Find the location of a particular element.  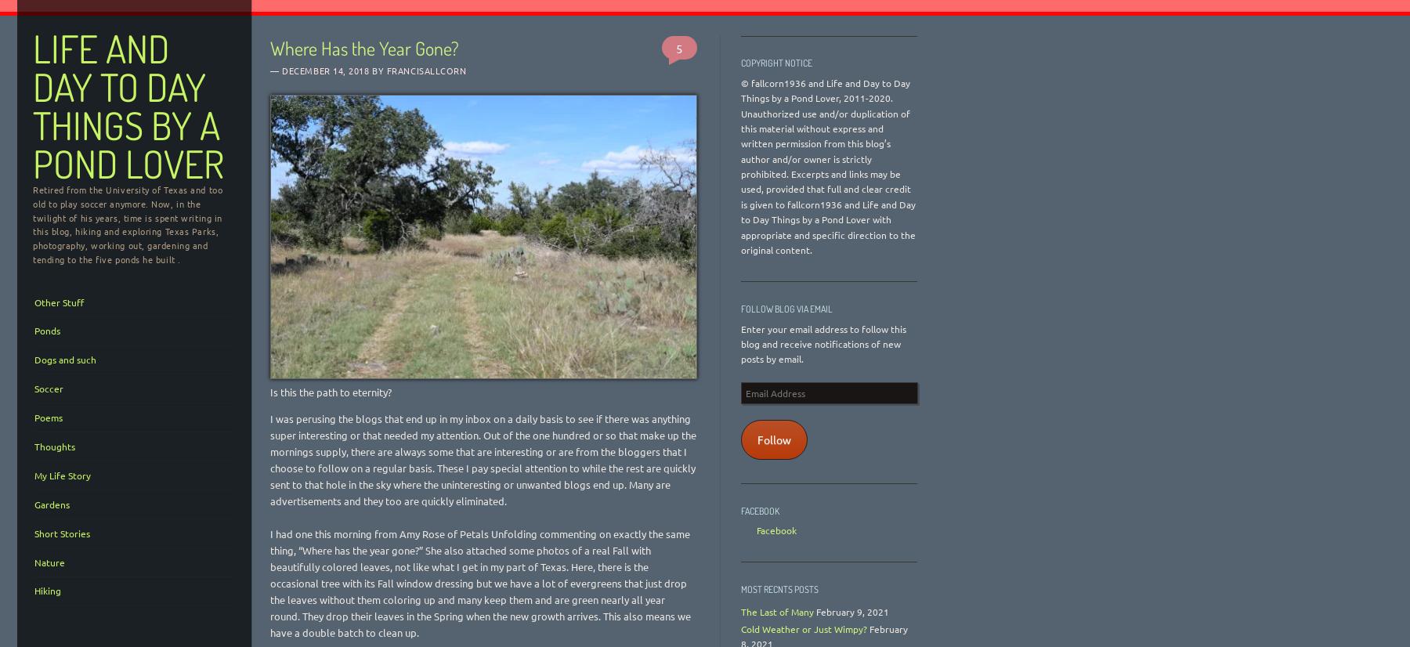

'Follow Blog via Email' is located at coordinates (786, 308).